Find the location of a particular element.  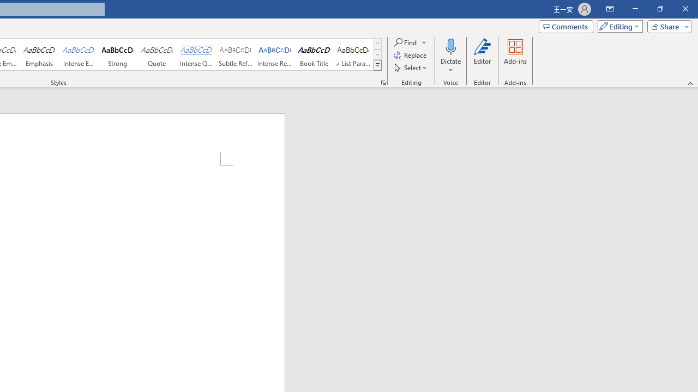

'Dictate' is located at coordinates (450, 46).